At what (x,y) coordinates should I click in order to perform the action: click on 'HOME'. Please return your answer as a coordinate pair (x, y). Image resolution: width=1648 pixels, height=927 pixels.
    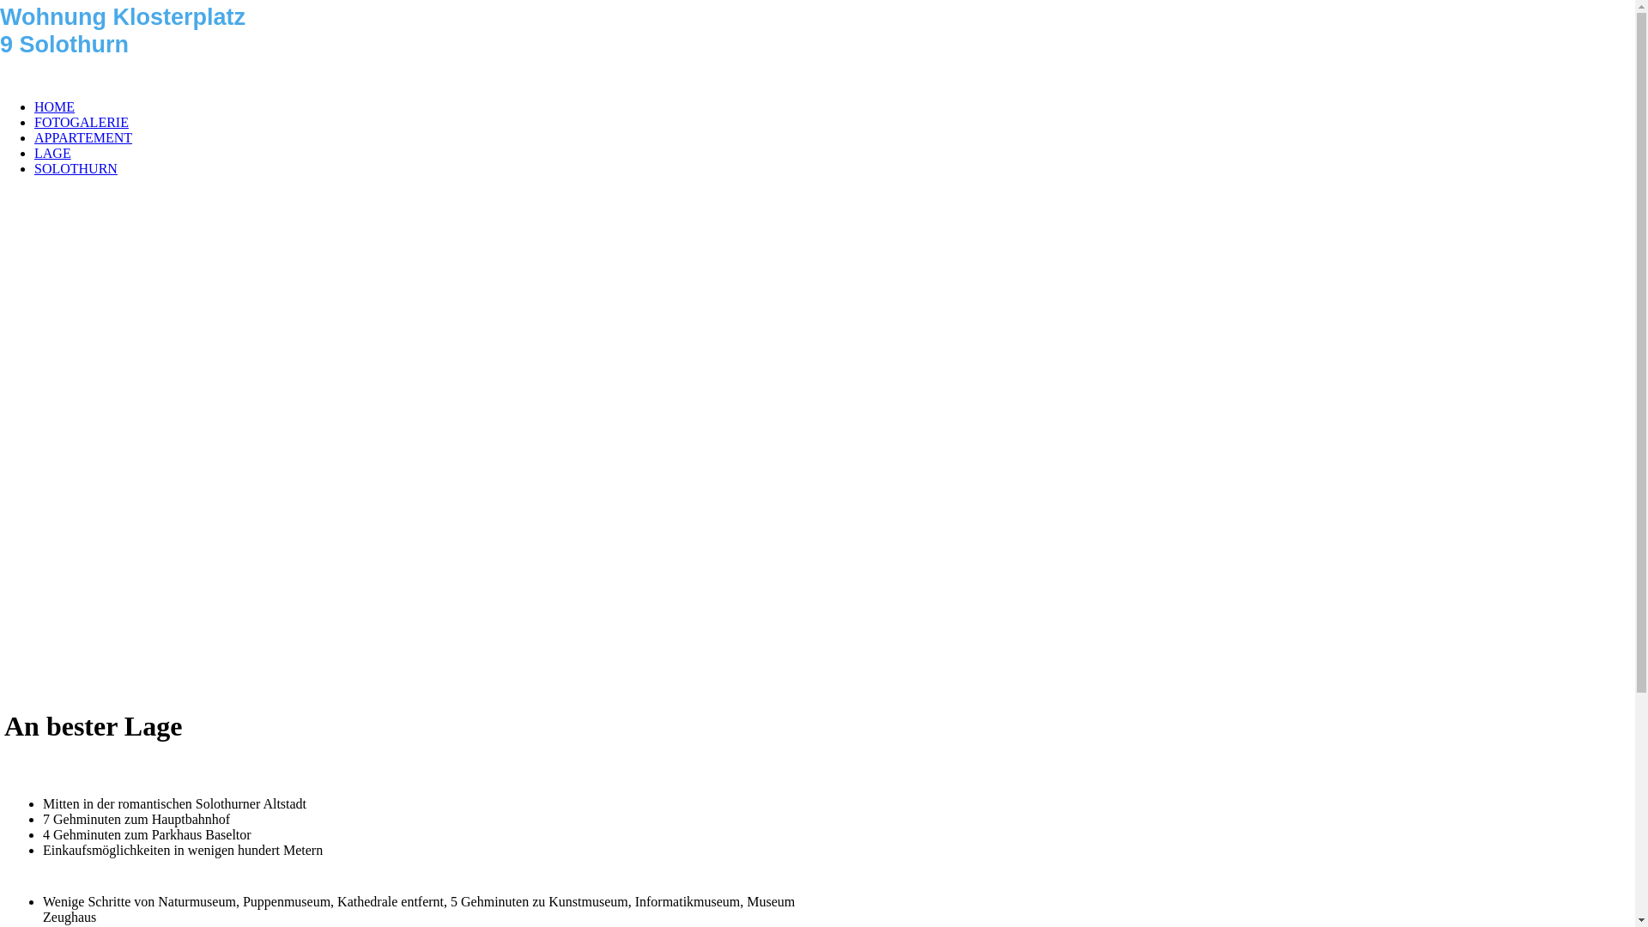
    Looking at the image, I should click on (54, 106).